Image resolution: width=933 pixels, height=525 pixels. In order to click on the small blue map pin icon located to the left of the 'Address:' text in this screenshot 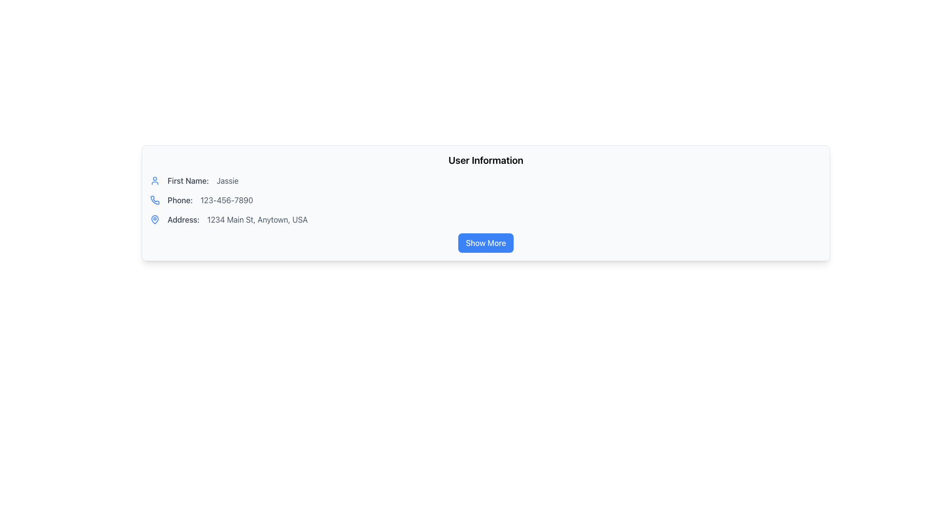, I will do `click(154, 219)`.